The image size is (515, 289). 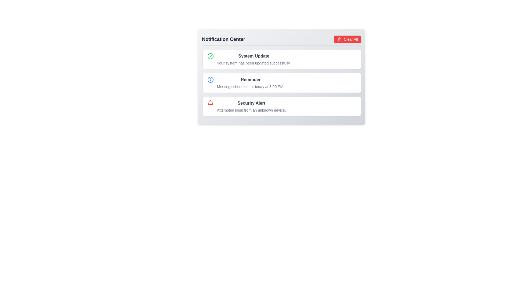 I want to click on static text label that confirms the successful update of the system, located below the 'System Update' header, so click(x=253, y=63).